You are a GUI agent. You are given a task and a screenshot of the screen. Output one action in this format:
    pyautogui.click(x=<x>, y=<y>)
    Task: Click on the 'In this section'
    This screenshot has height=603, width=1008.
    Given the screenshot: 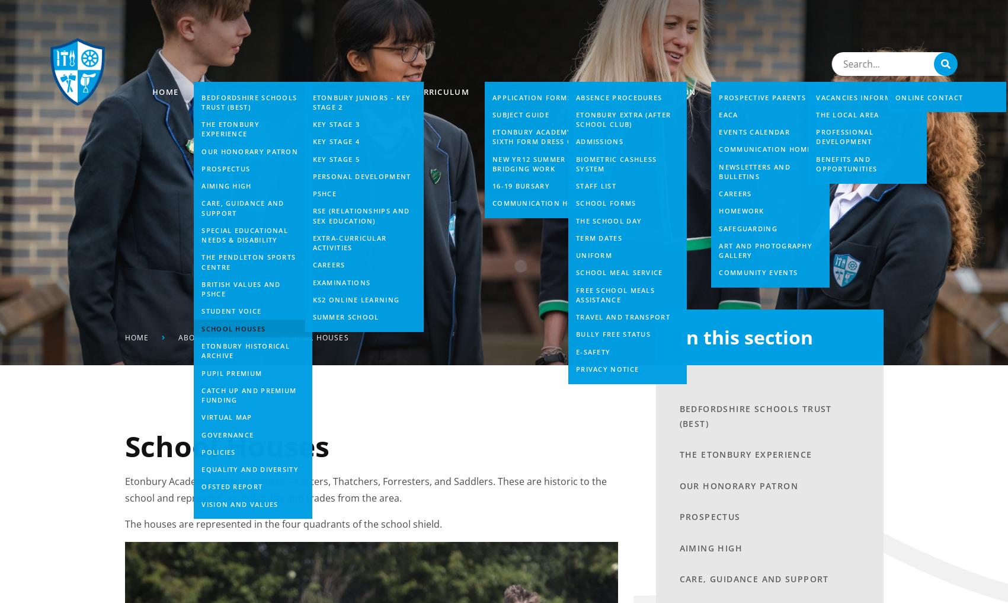 What is the action you would take?
    pyautogui.click(x=745, y=336)
    